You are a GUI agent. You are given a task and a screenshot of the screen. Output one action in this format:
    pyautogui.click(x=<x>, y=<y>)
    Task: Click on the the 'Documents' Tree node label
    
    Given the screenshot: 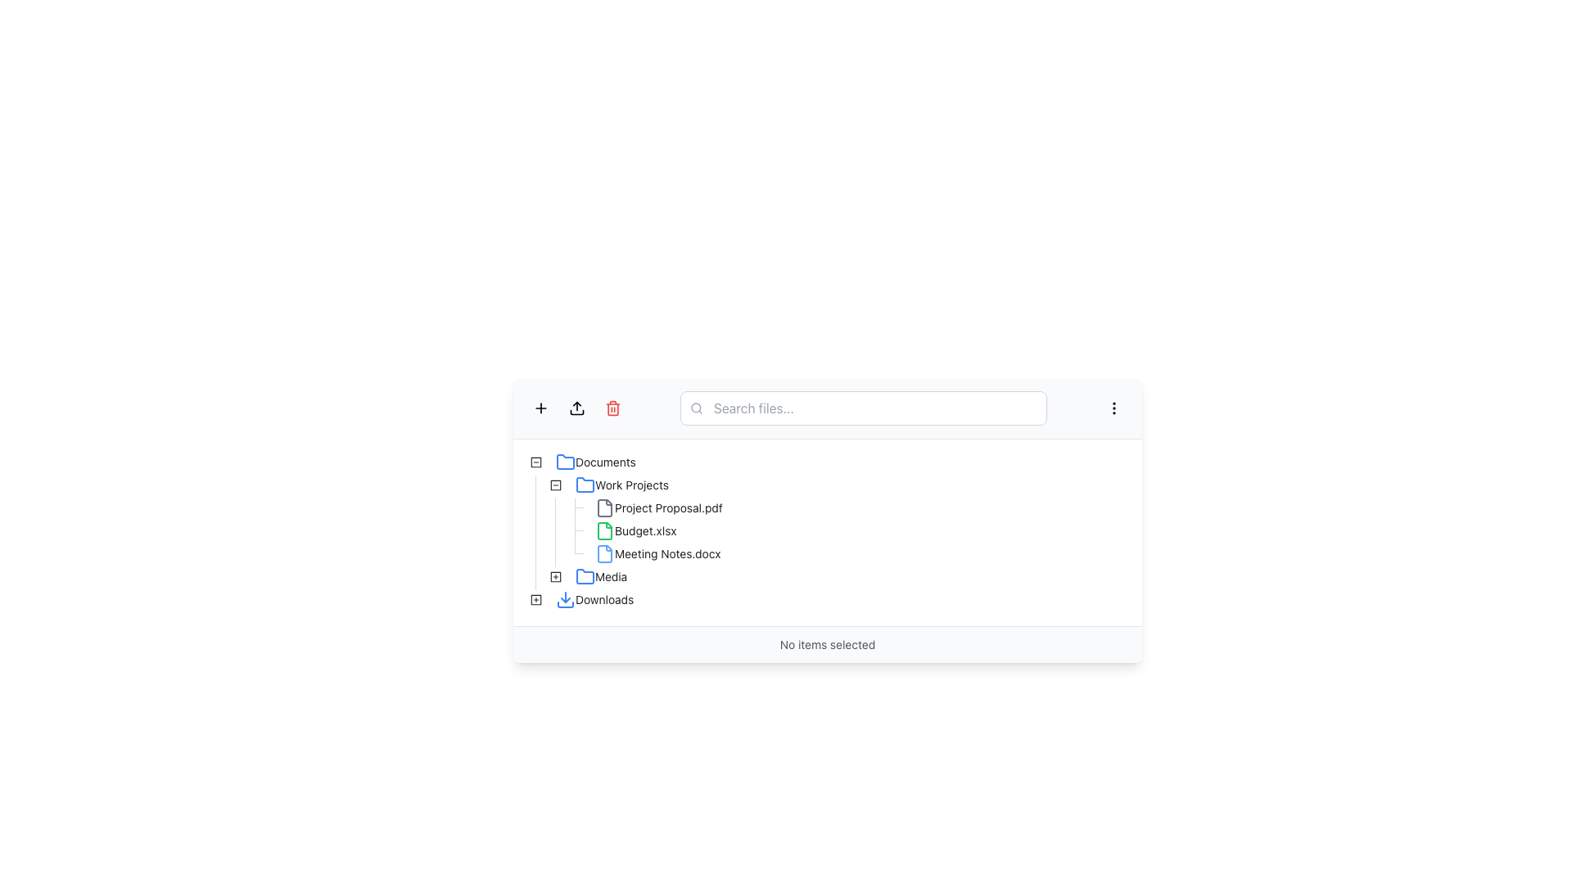 What is the action you would take?
    pyautogui.click(x=594, y=462)
    